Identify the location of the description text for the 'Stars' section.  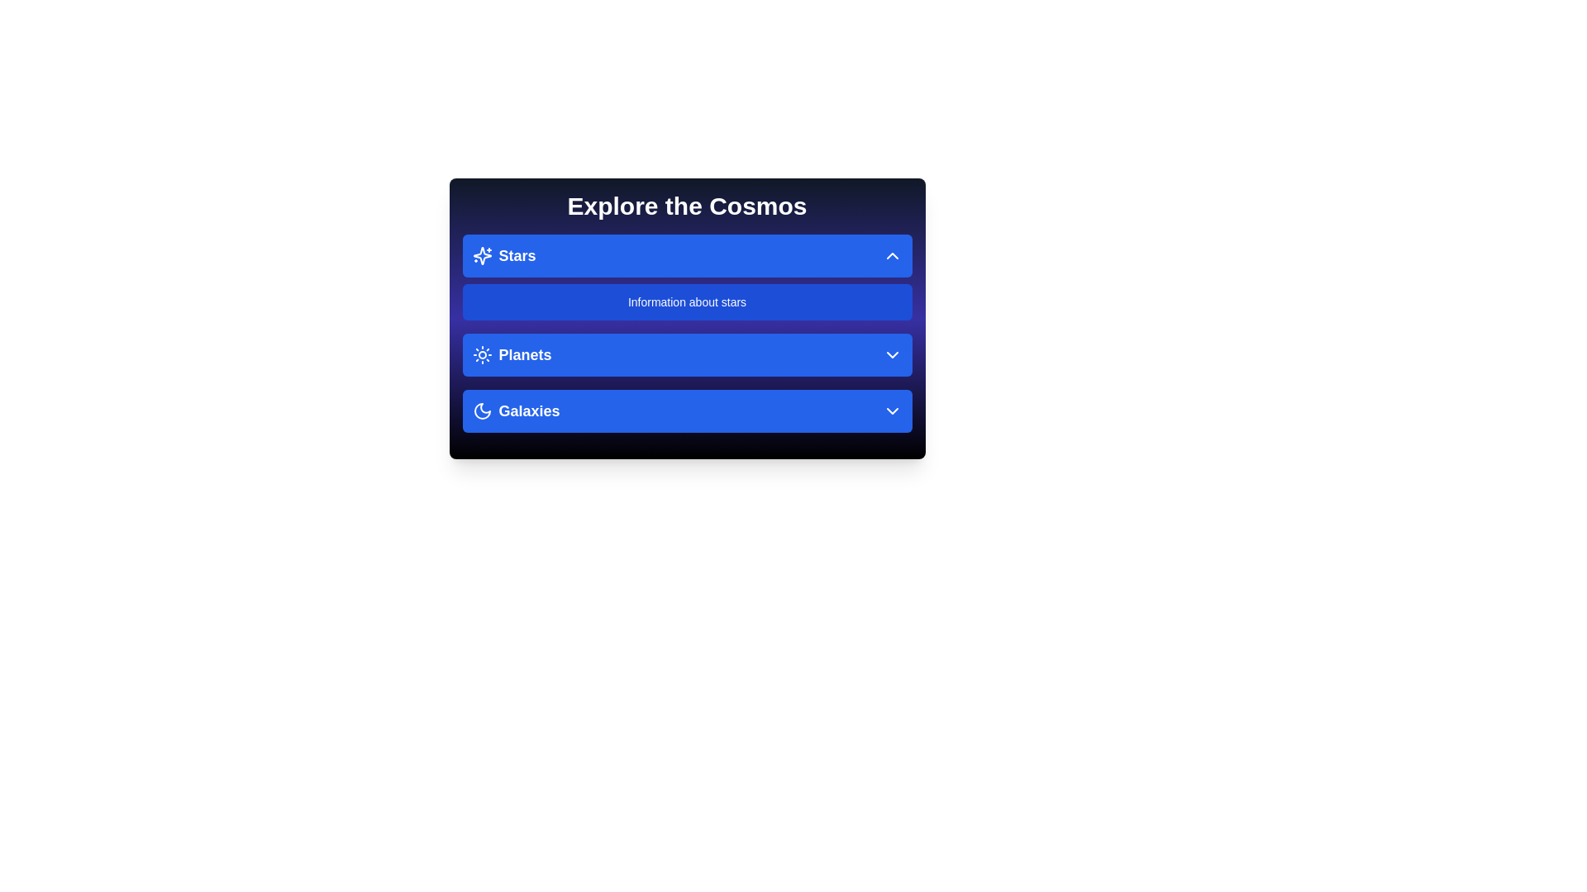
(687, 302).